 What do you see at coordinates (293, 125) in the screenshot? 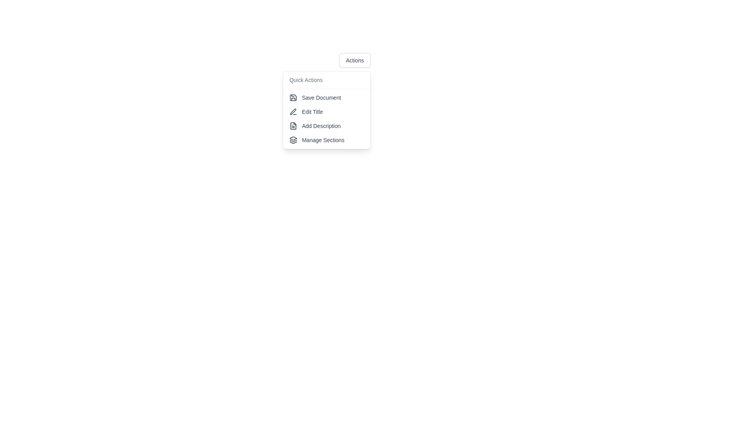
I see `the small minimalistic document icon located to the left of the 'Add Description' text label in the dropdown menu` at bounding box center [293, 125].